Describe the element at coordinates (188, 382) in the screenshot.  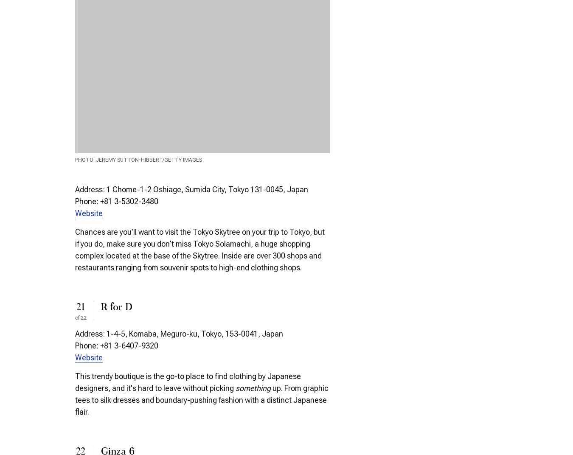
I see `'This trendy boutique is the go-to place to find clothing by Japanese designers, and it's hard to leave without picking'` at that location.